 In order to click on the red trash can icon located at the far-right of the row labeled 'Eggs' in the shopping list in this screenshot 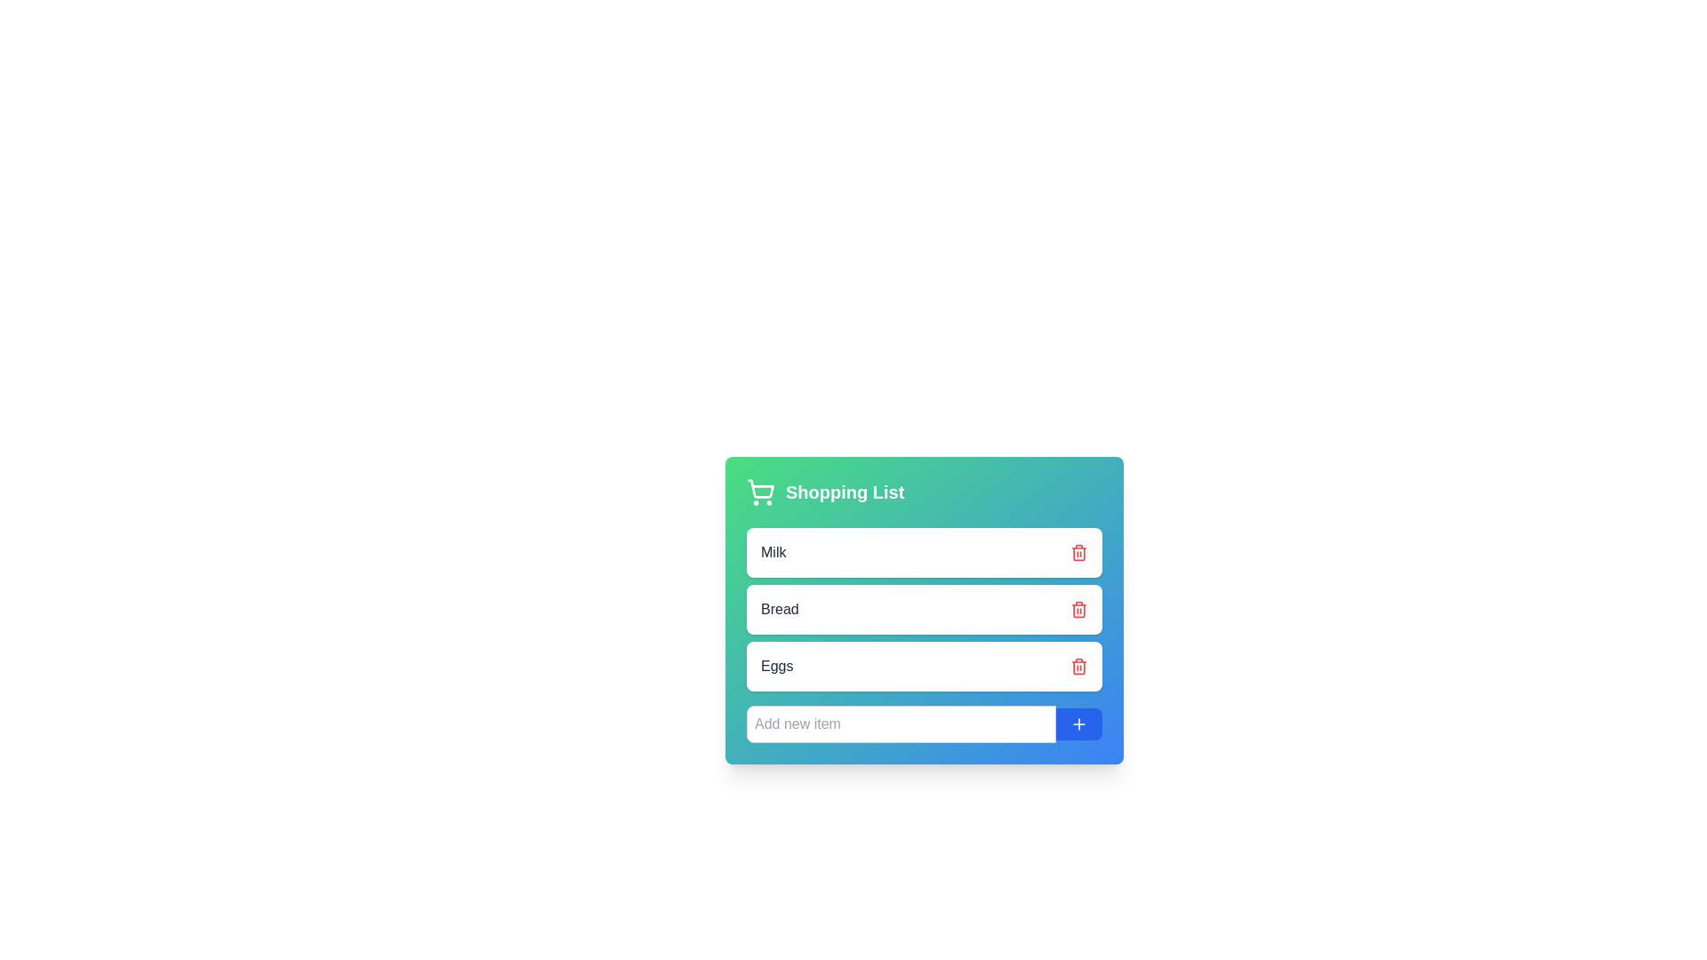, I will do `click(1078, 666)`.